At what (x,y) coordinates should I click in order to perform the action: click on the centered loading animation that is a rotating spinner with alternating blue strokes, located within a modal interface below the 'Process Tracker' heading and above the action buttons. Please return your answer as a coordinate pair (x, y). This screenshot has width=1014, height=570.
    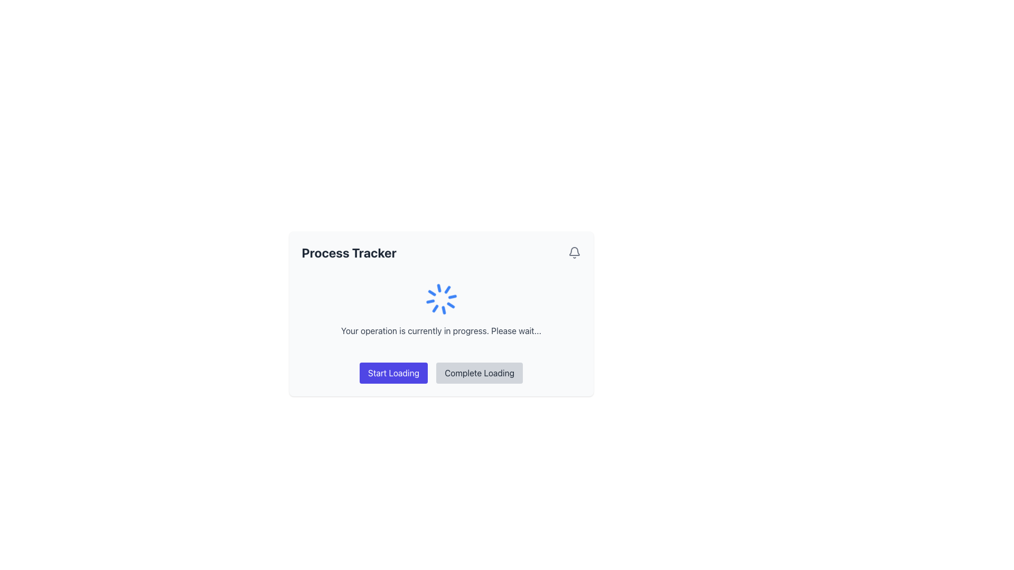
    Looking at the image, I should click on (441, 313).